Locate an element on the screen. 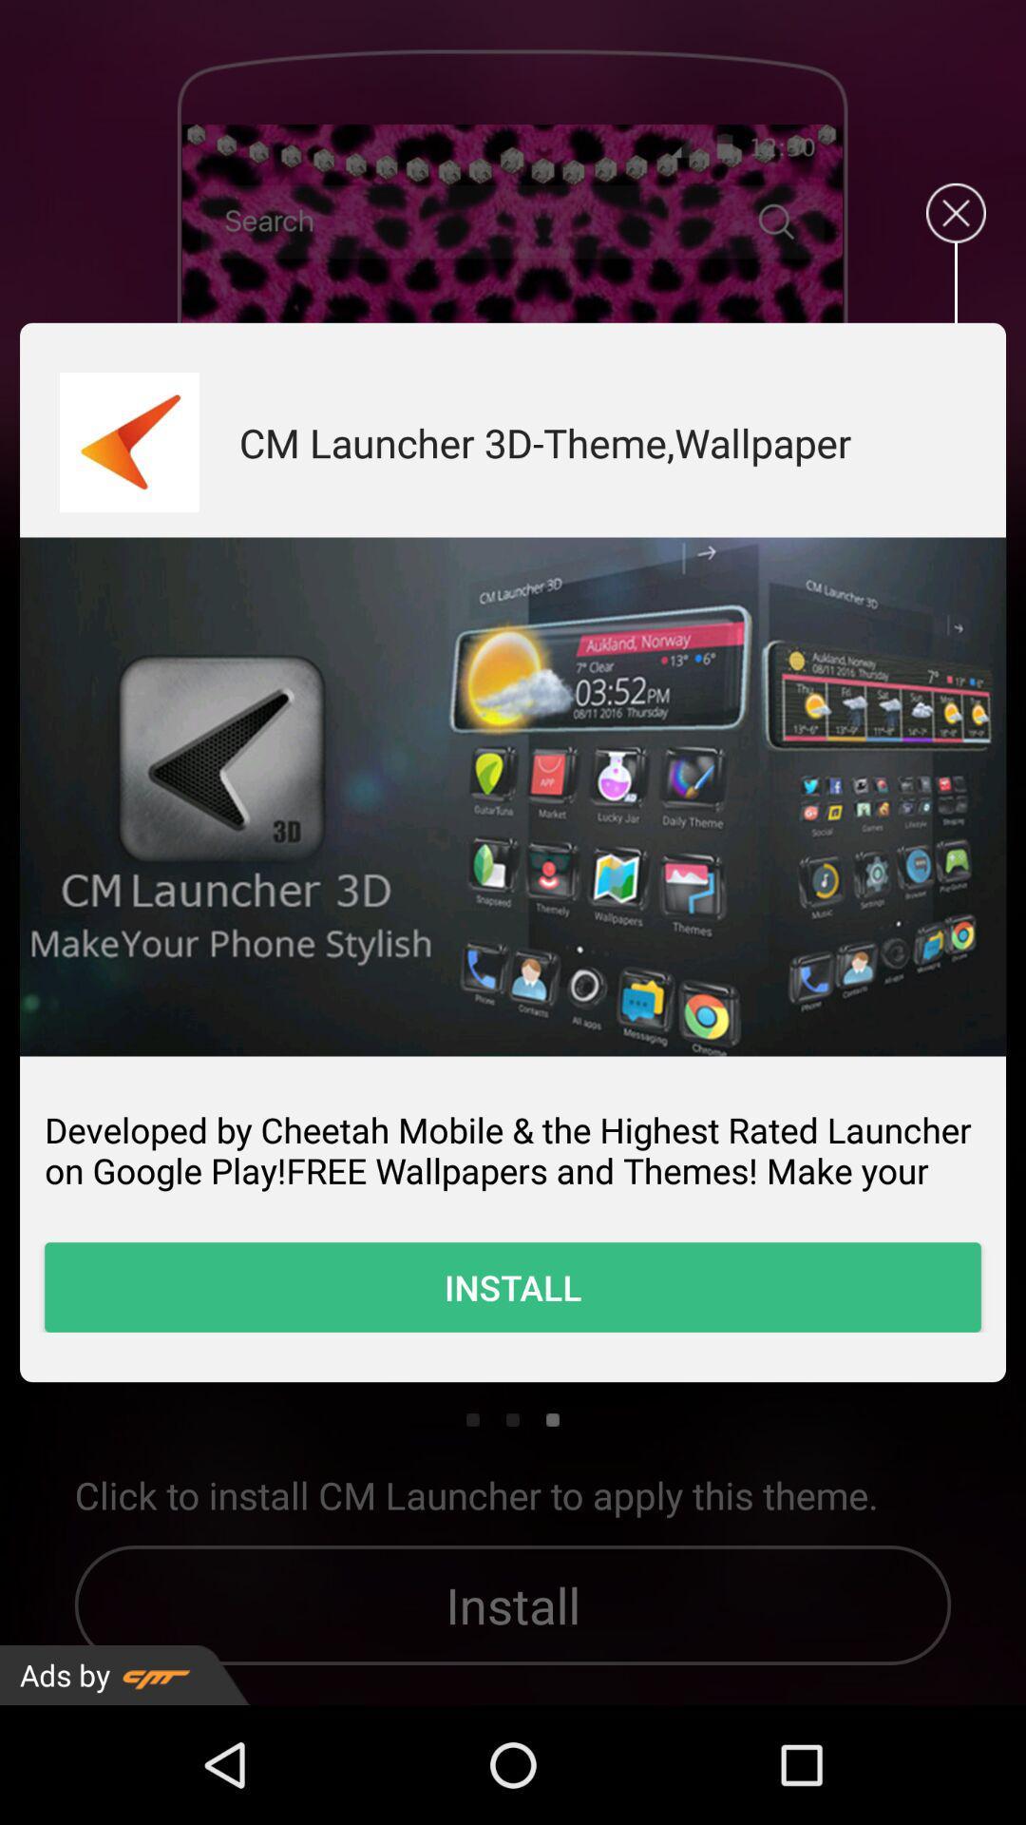 This screenshot has width=1026, height=1825. install the cm launcher is located at coordinates (513, 797).